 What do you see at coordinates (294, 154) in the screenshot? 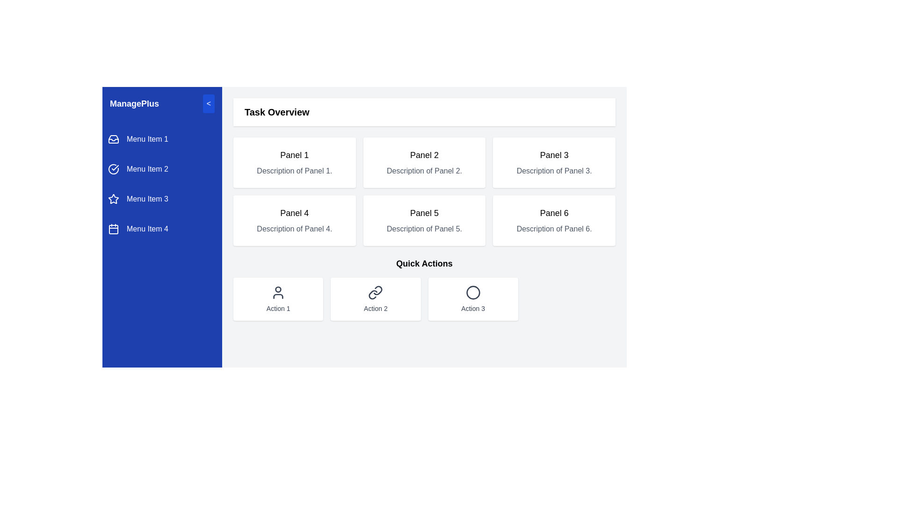
I see `the static text label that serves as the title for the 'Task Overview' panel, located at the top-left segment of the main content area, above 'Description of Panel 1.'` at bounding box center [294, 154].